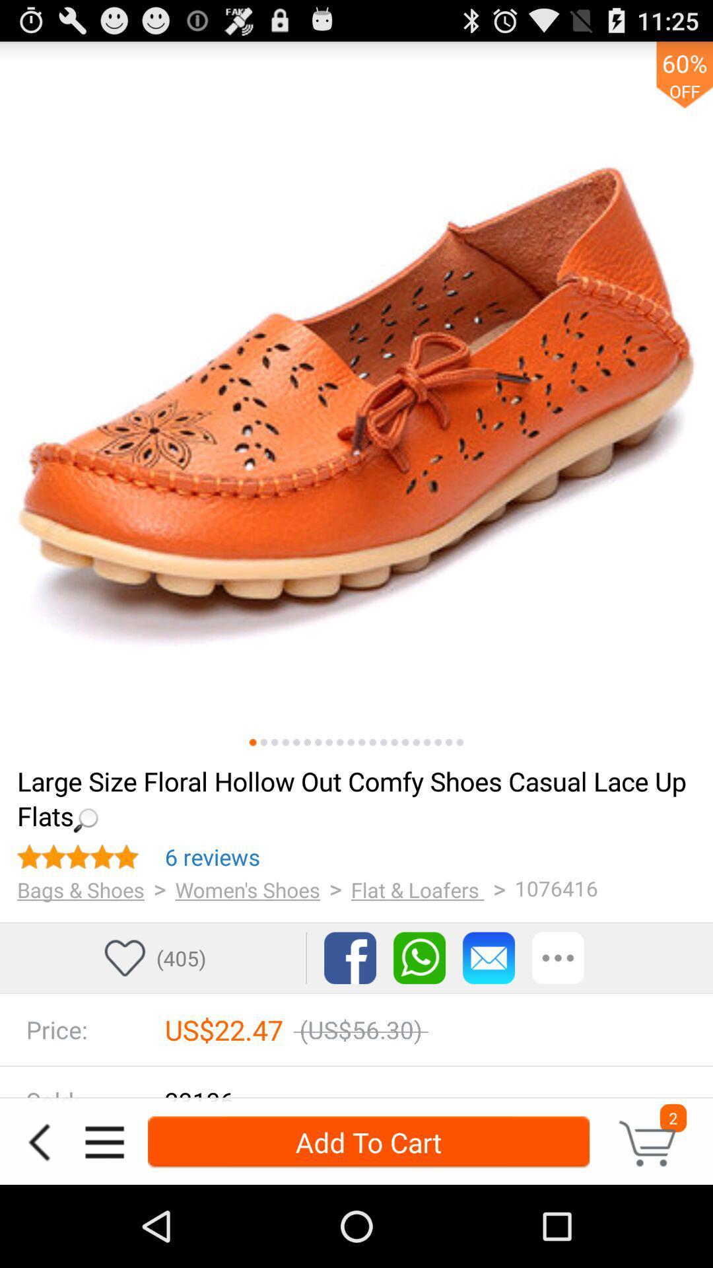 This screenshot has height=1268, width=713. Describe the element at coordinates (285, 742) in the screenshot. I see `more images` at that location.